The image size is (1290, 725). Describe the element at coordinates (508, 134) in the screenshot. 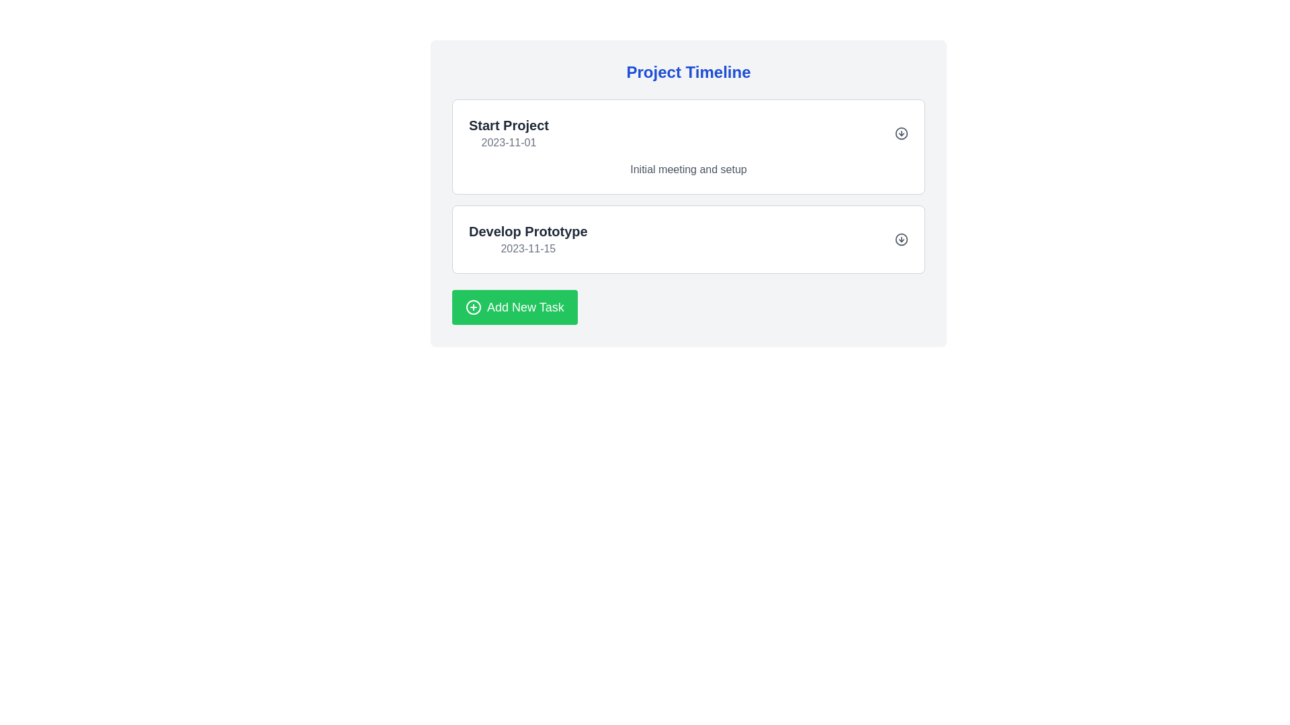

I see `the project milestone text block indicating its title and start date` at that location.